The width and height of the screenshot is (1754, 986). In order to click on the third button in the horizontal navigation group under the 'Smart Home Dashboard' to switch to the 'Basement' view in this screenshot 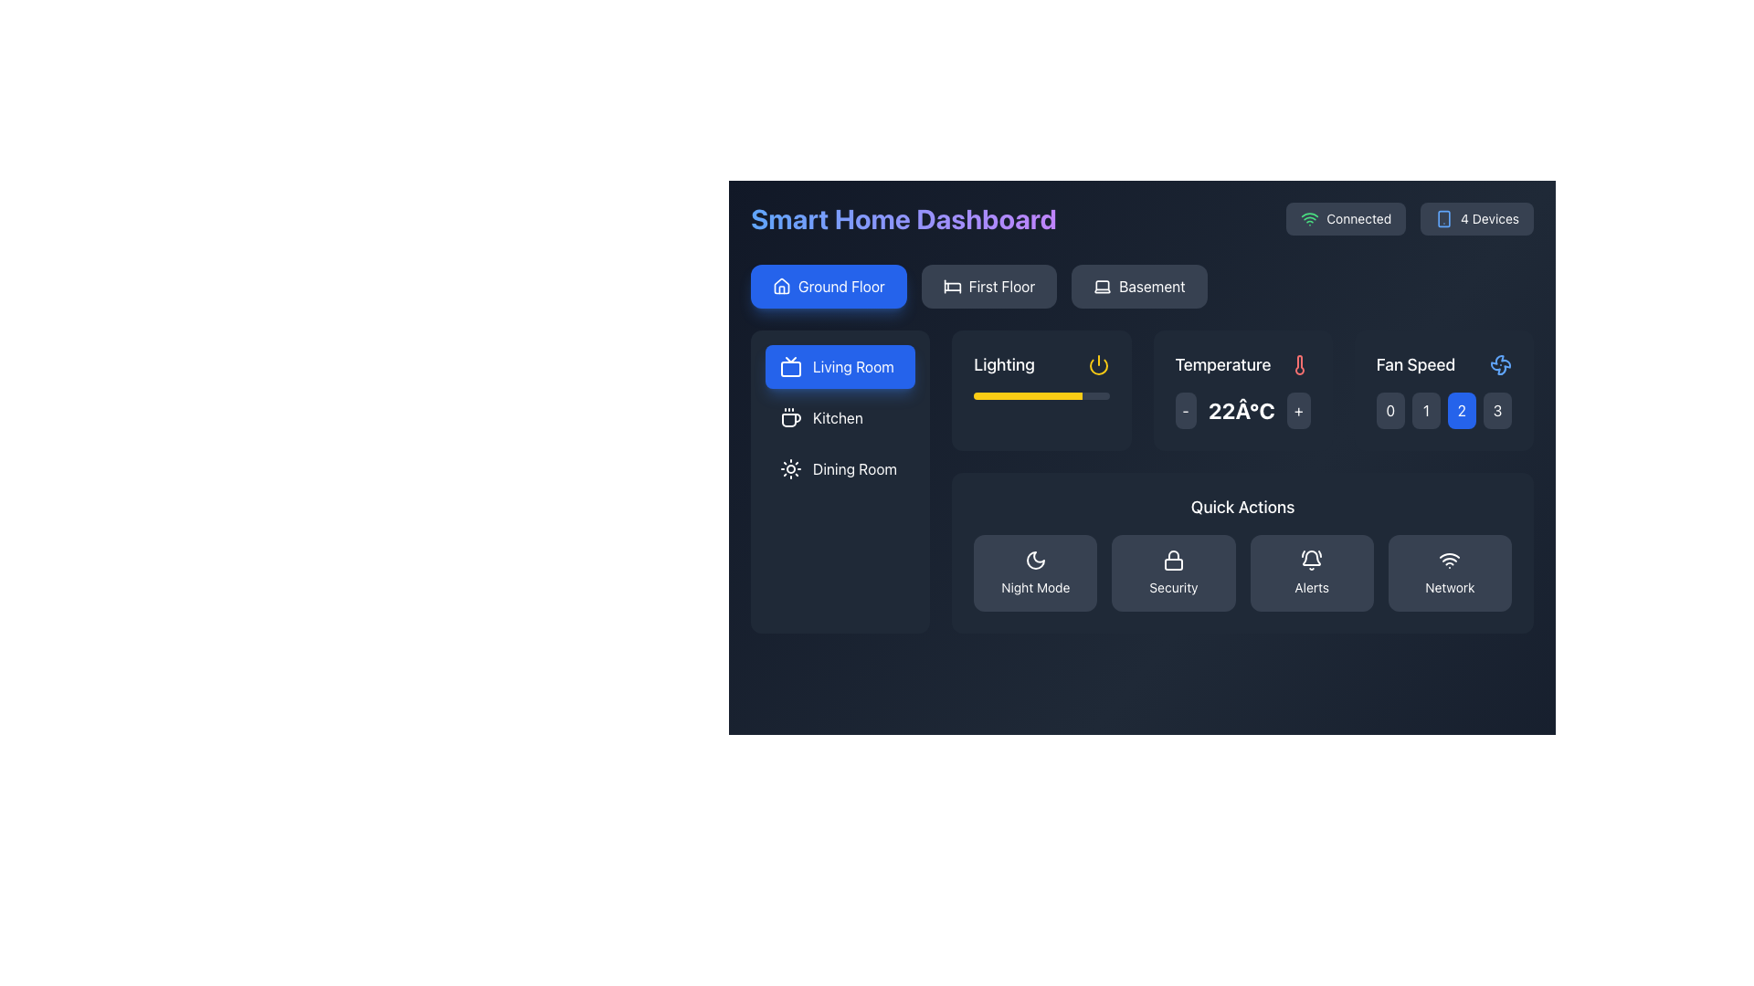, I will do `click(1140, 286)`.